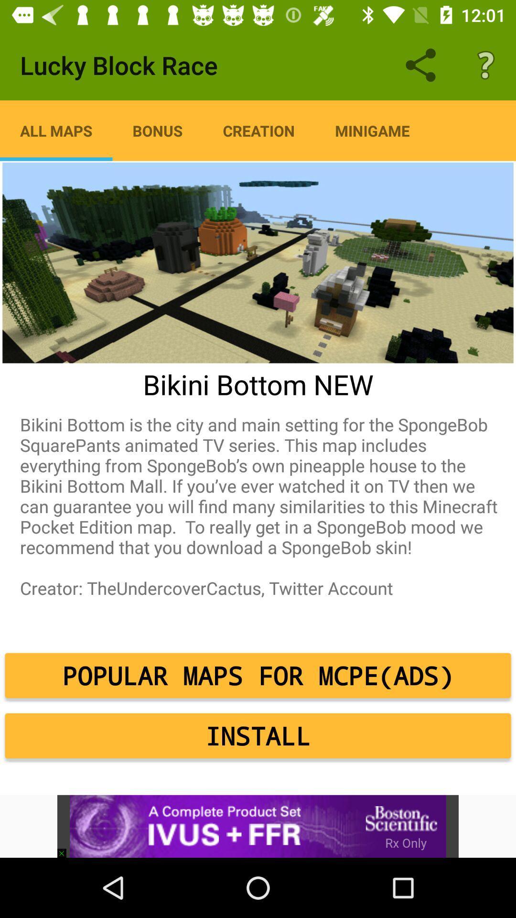  Describe the element at coordinates (258, 735) in the screenshot. I see `item below popular maps for item` at that location.